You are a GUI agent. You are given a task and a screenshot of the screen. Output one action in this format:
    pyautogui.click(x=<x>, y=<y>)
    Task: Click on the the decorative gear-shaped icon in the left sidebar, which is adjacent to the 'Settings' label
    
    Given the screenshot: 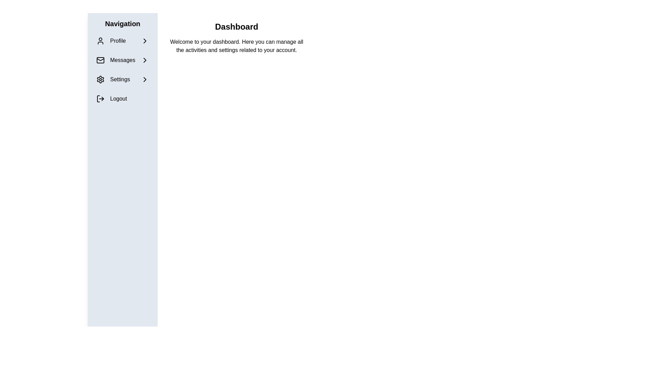 What is the action you would take?
    pyautogui.click(x=100, y=79)
    